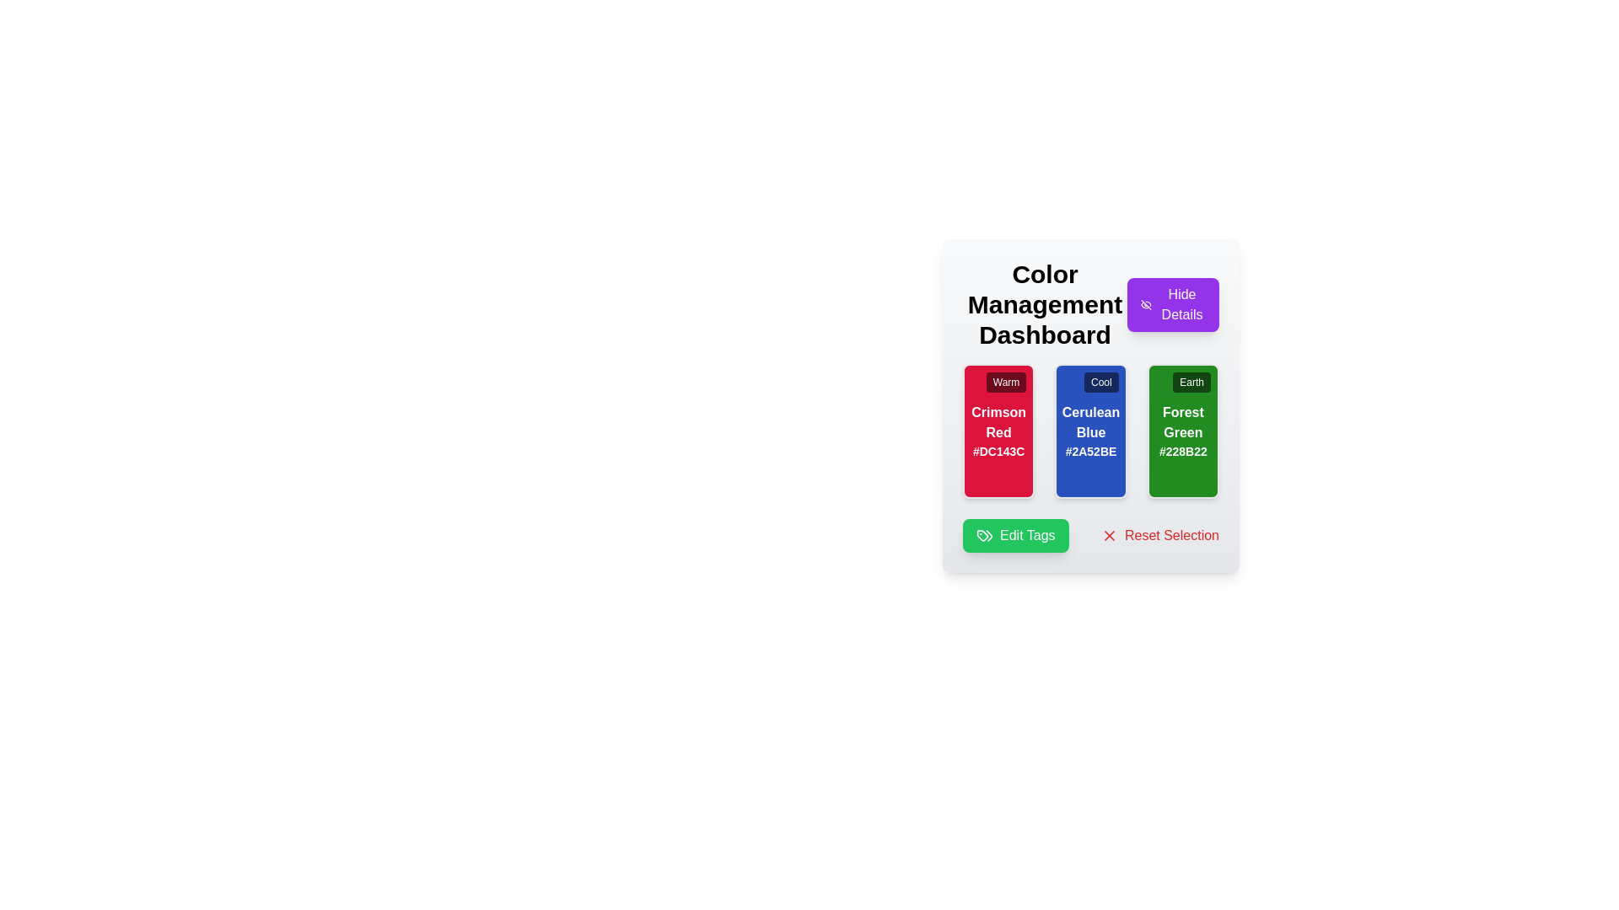 This screenshot has height=910, width=1619. Describe the element at coordinates (1182, 451) in the screenshot. I see `text content of the text snippet displaying the hexadecimal color code '#228B22', styled in white text within the green card labeled 'Forest Green'` at that location.